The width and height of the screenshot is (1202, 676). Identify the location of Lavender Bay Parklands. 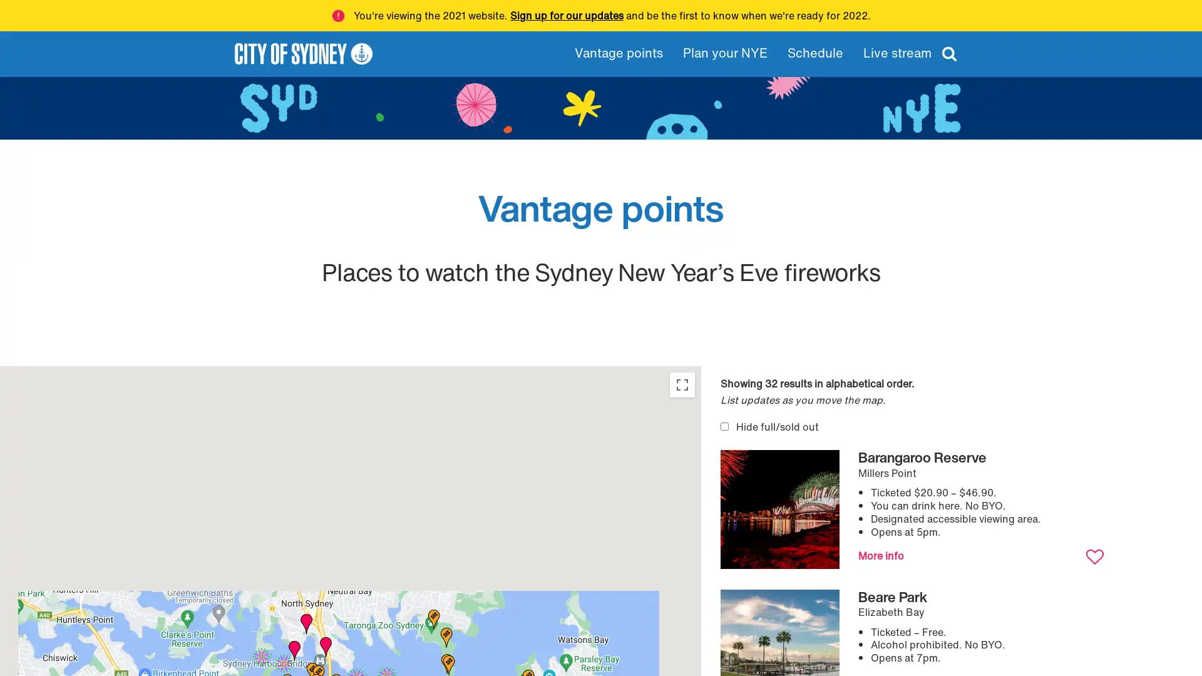
(306, 642).